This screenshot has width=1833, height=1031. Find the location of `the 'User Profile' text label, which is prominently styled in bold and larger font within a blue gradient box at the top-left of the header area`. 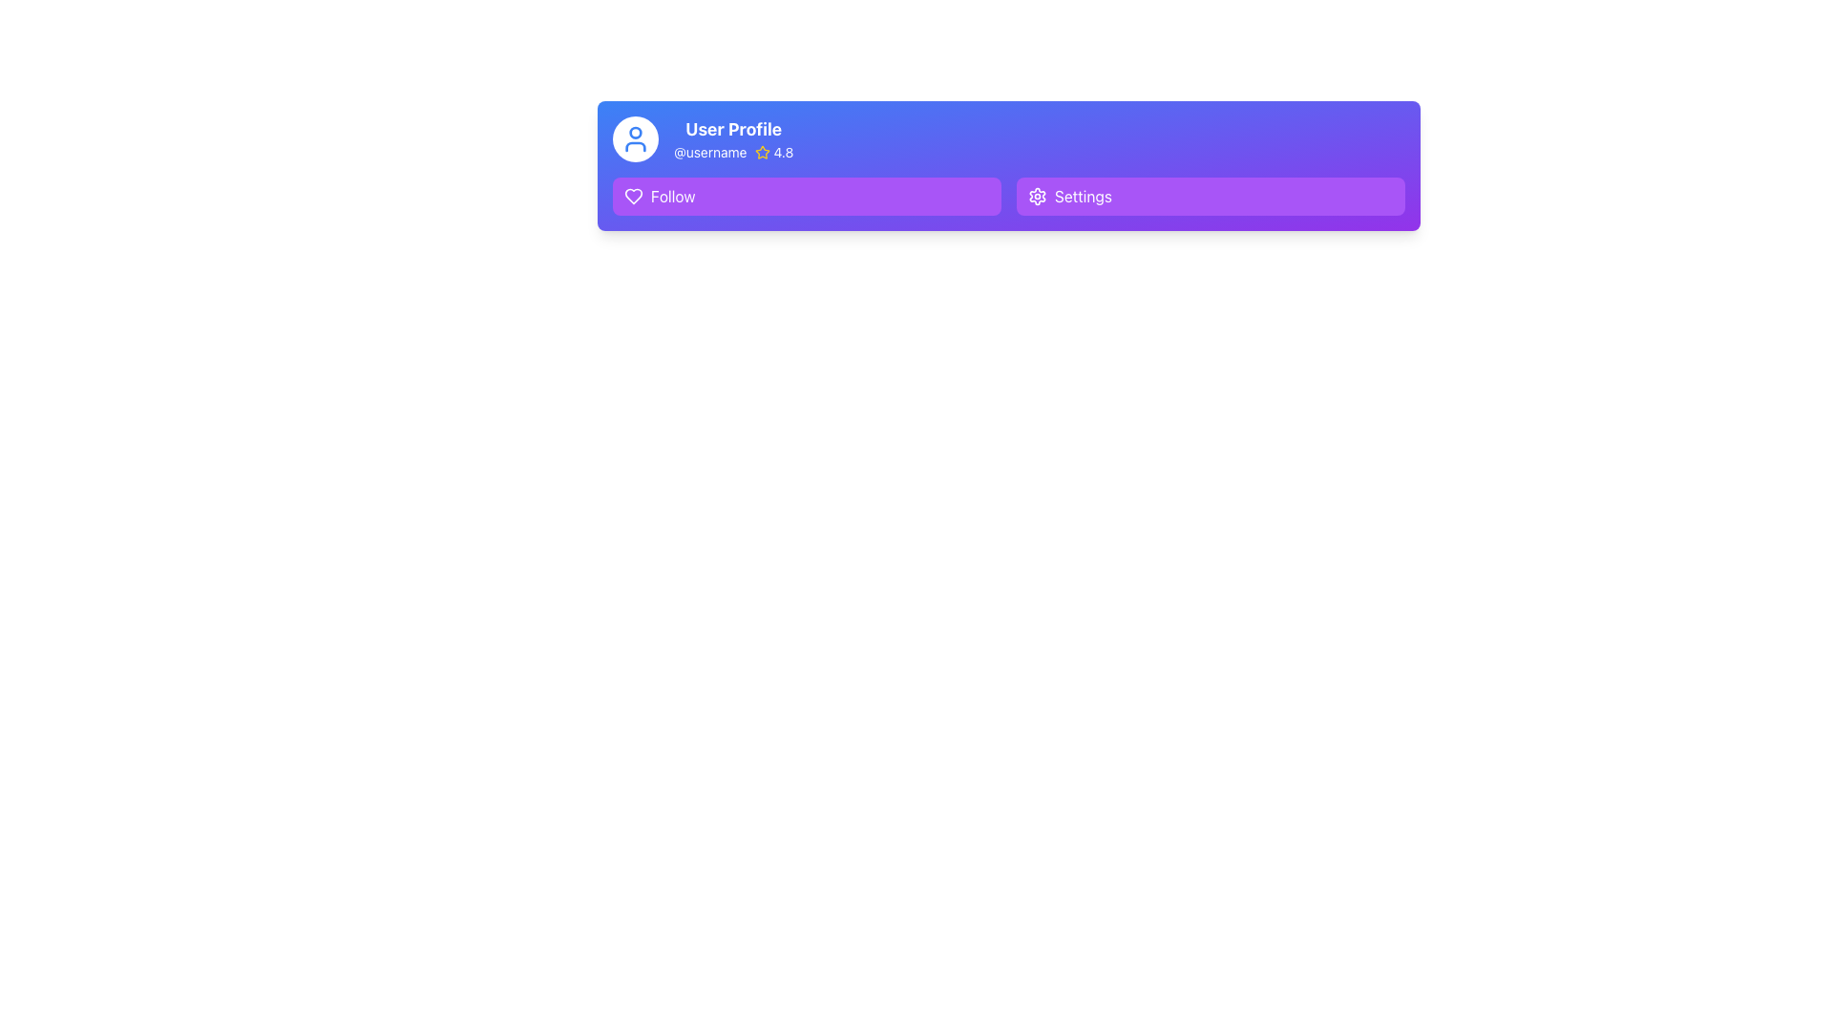

the 'User Profile' text label, which is prominently styled in bold and larger font within a blue gradient box at the top-left of the header area is located at coordinates (732, 129).